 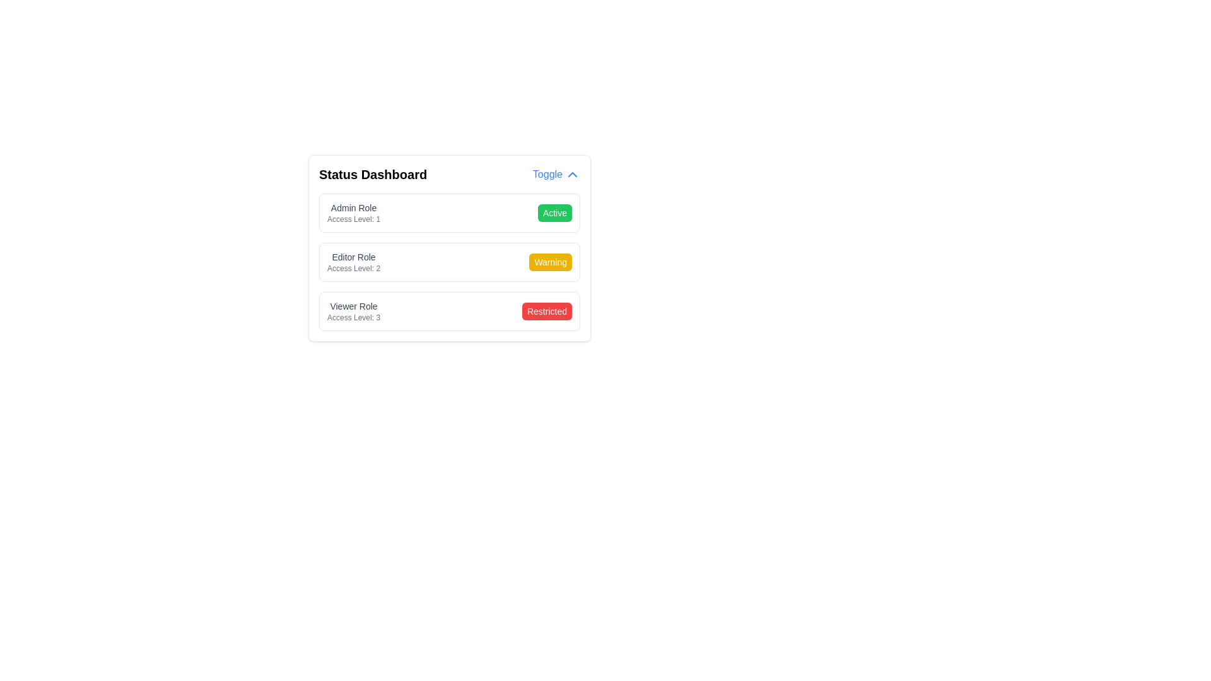 I want to click on the text label located in the top-right corner of the card interface, next to the 'Status Dashboard' header, to potentially trigger an associated action, so click(x=547, y=175).